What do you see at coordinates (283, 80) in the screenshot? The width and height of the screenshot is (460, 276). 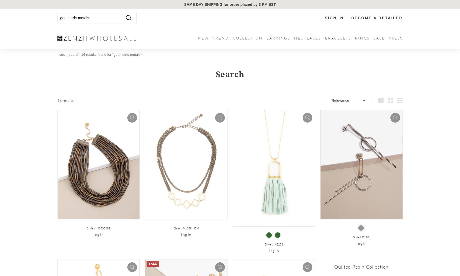 I see `'Flower Earrings'` at bounding box center [283, 80].